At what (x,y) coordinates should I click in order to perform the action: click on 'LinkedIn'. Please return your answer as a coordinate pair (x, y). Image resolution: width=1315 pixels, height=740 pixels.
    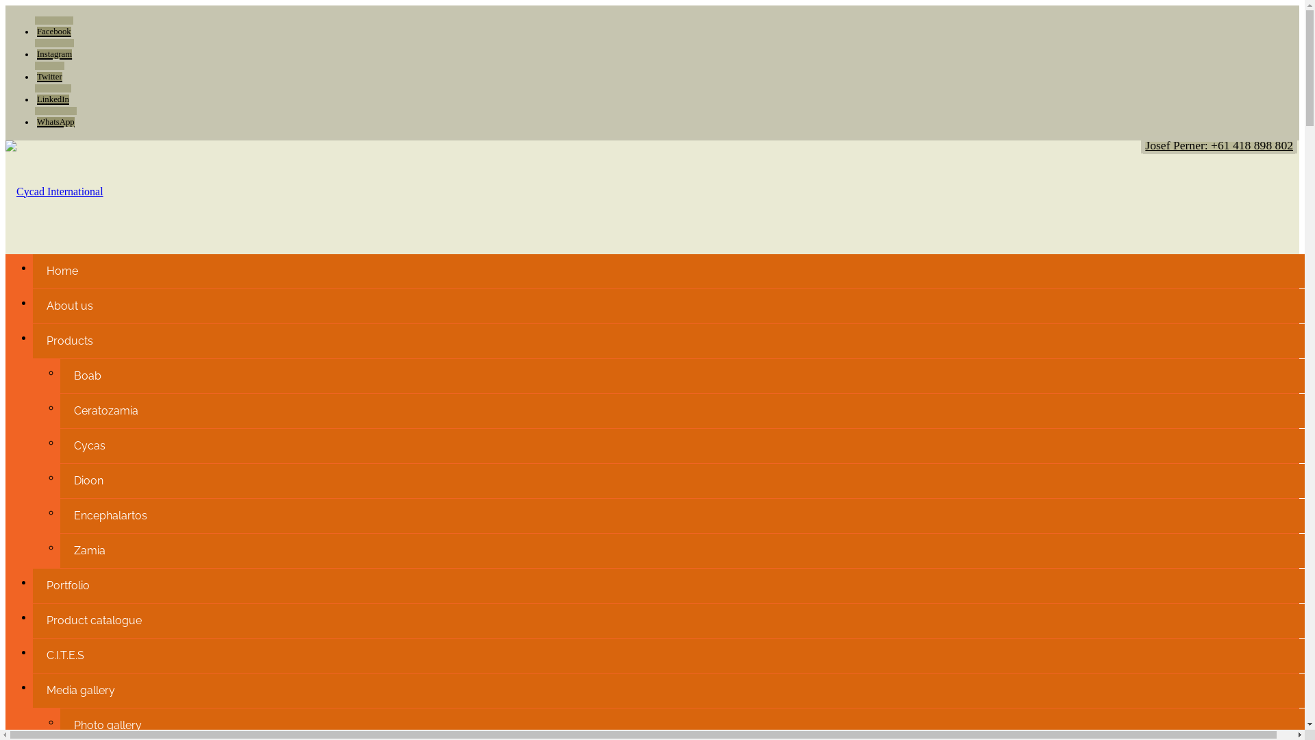
    Looking at the image, I should click on (53, 94).